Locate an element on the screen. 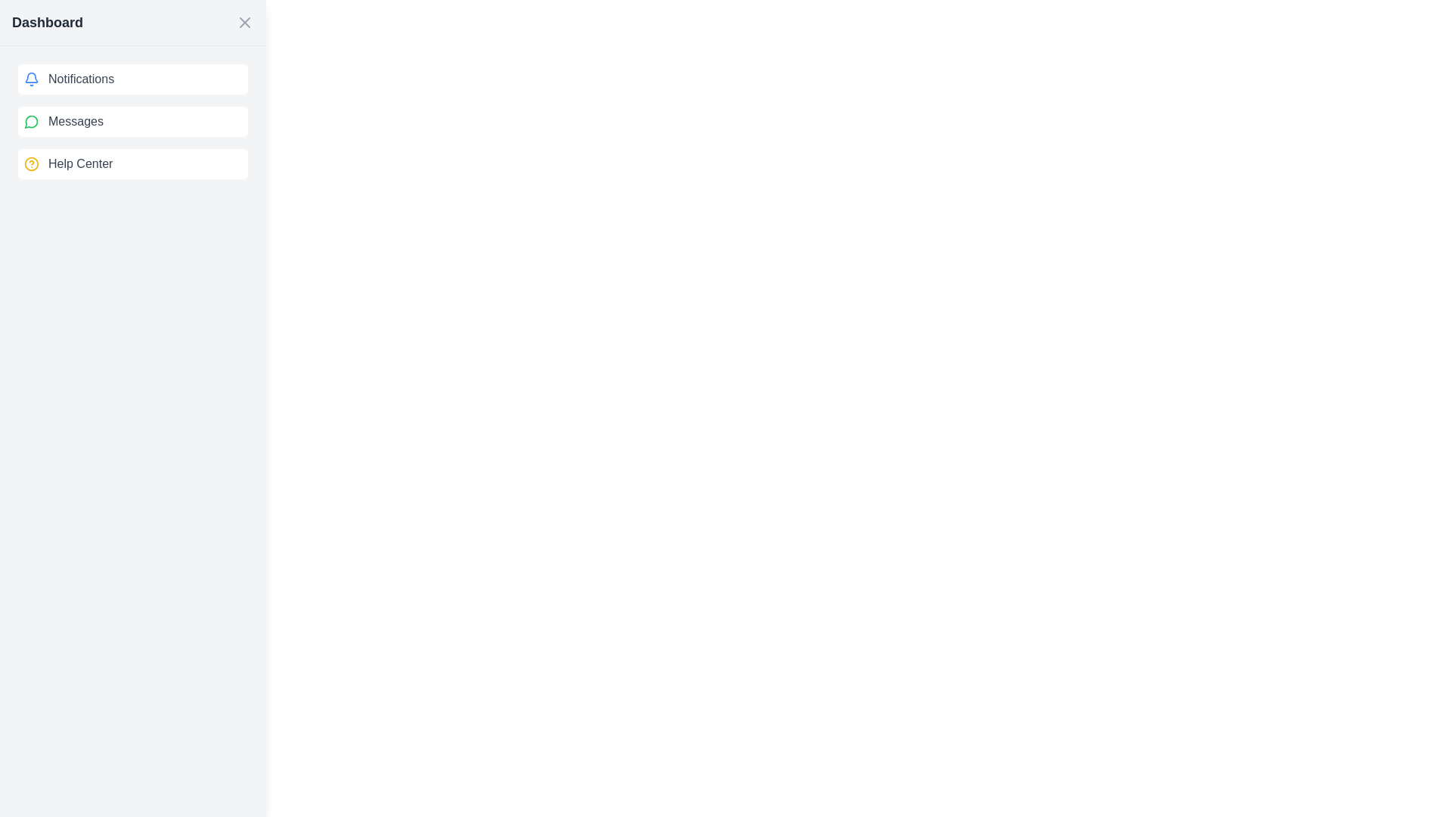 The height and width of the screenshot is (817, 1452). the 'Messages' icon, which is an SVG vector graphic styled as a message circle located in the navigation sidebar, to the left of its text label is located at coordinates (32, 121).